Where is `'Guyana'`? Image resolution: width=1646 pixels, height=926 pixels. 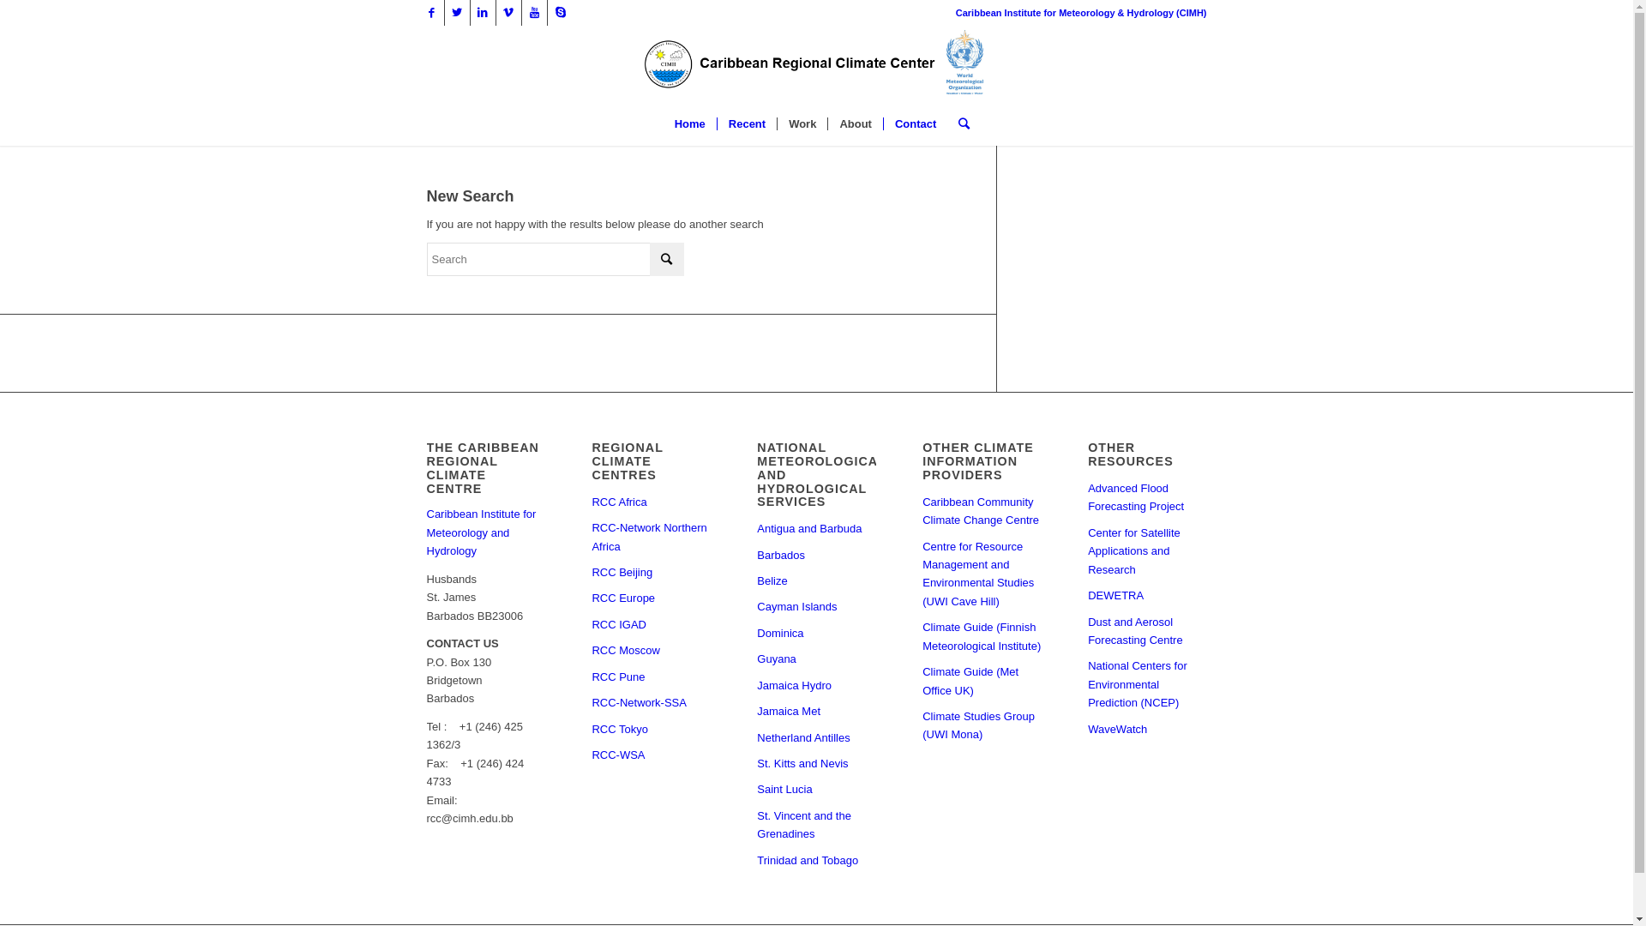
'Guyana' is located at coordinates (814, 658).